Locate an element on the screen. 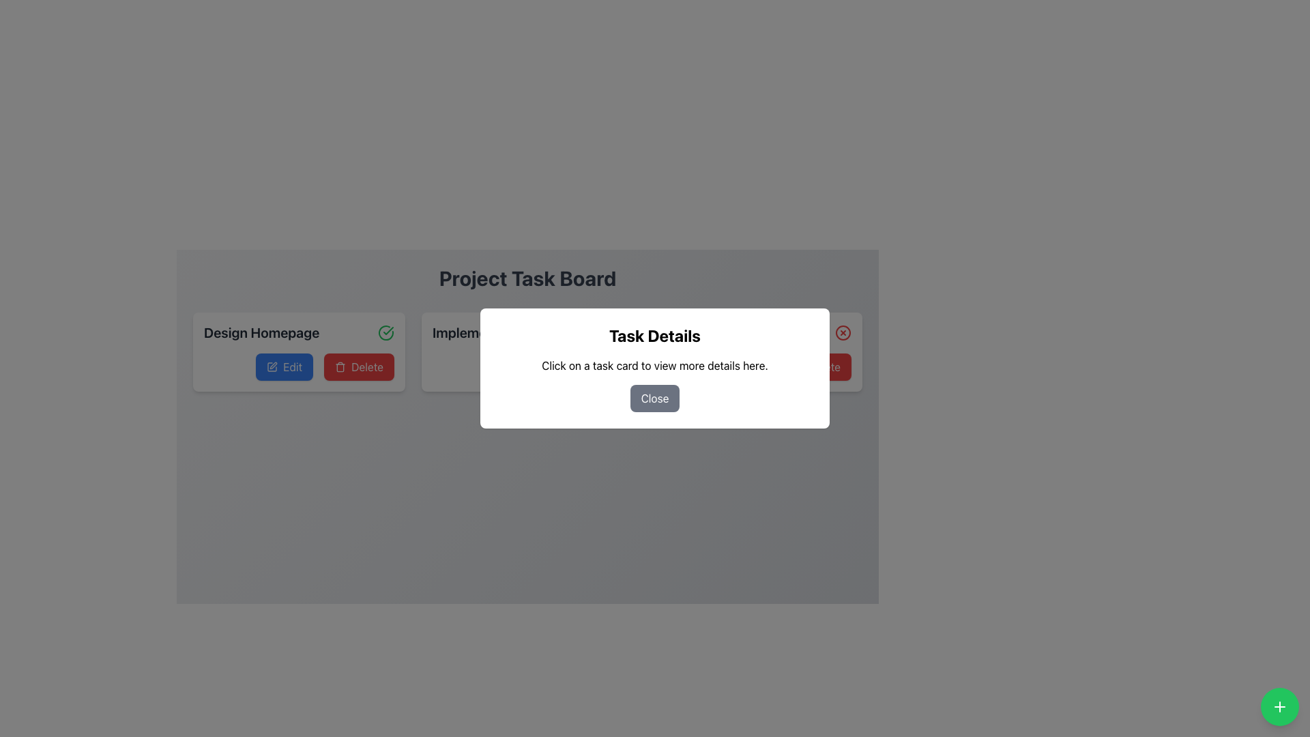  the icon within the 'Edit' button on the 'Design Homepage' task card is located at coordinates (272, 366).